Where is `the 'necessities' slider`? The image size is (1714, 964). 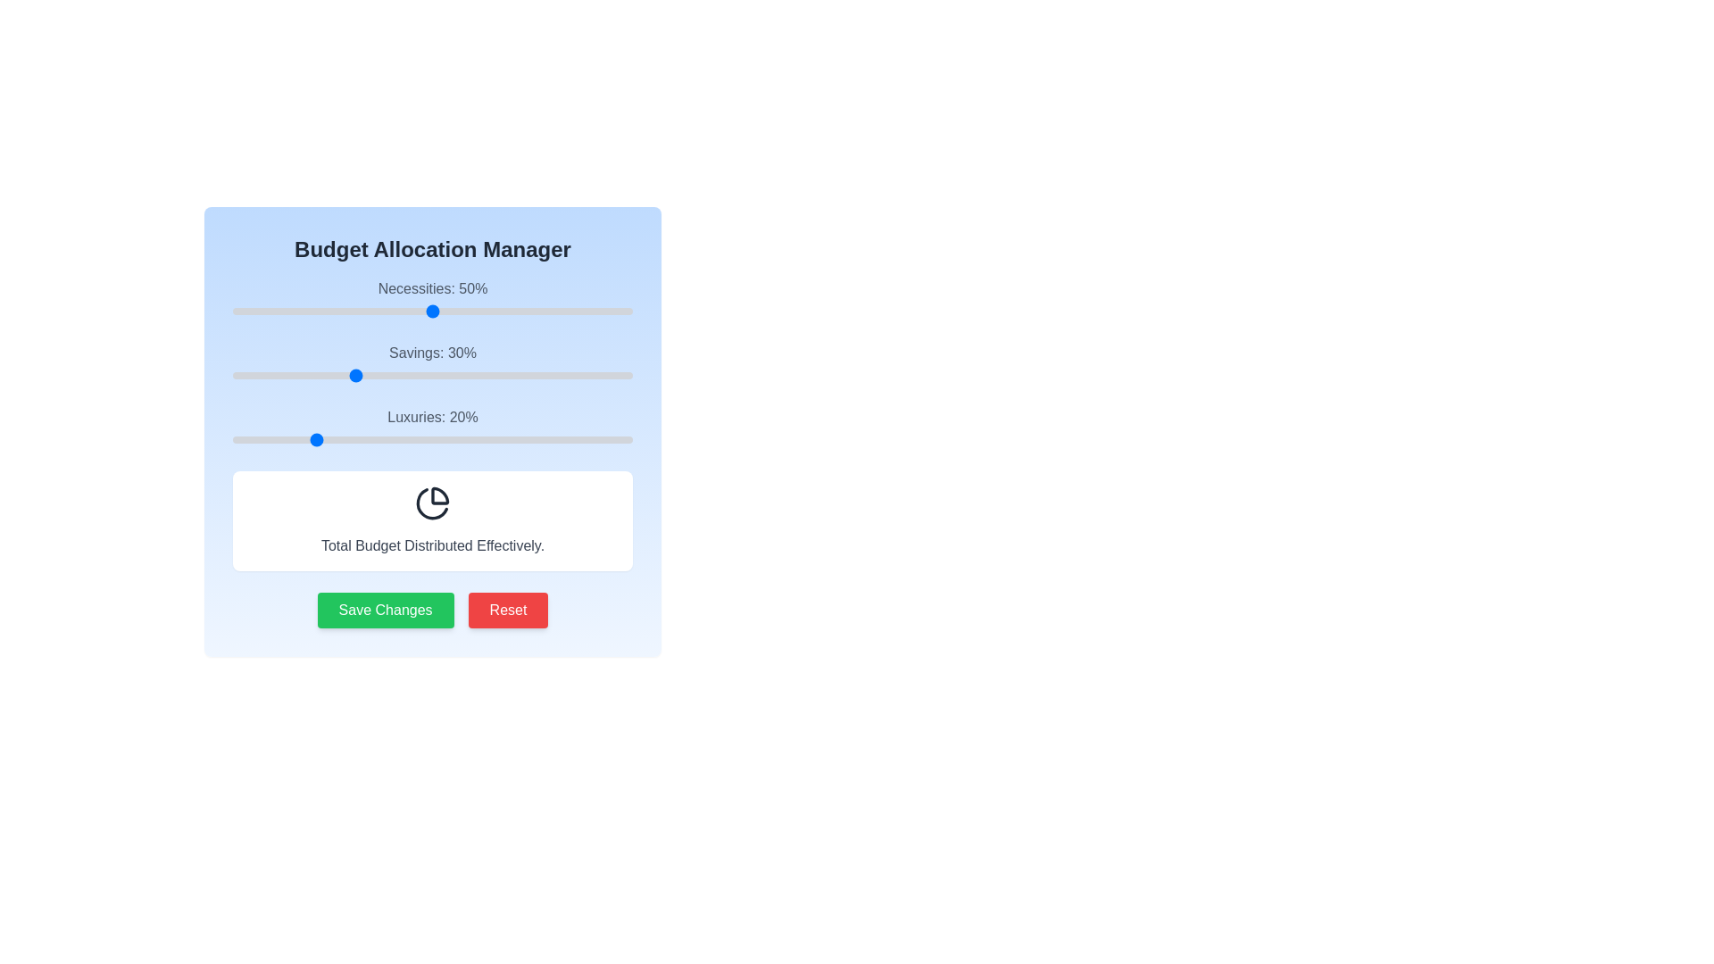
the 'necessities' slider is located at coordinates (404, 310).